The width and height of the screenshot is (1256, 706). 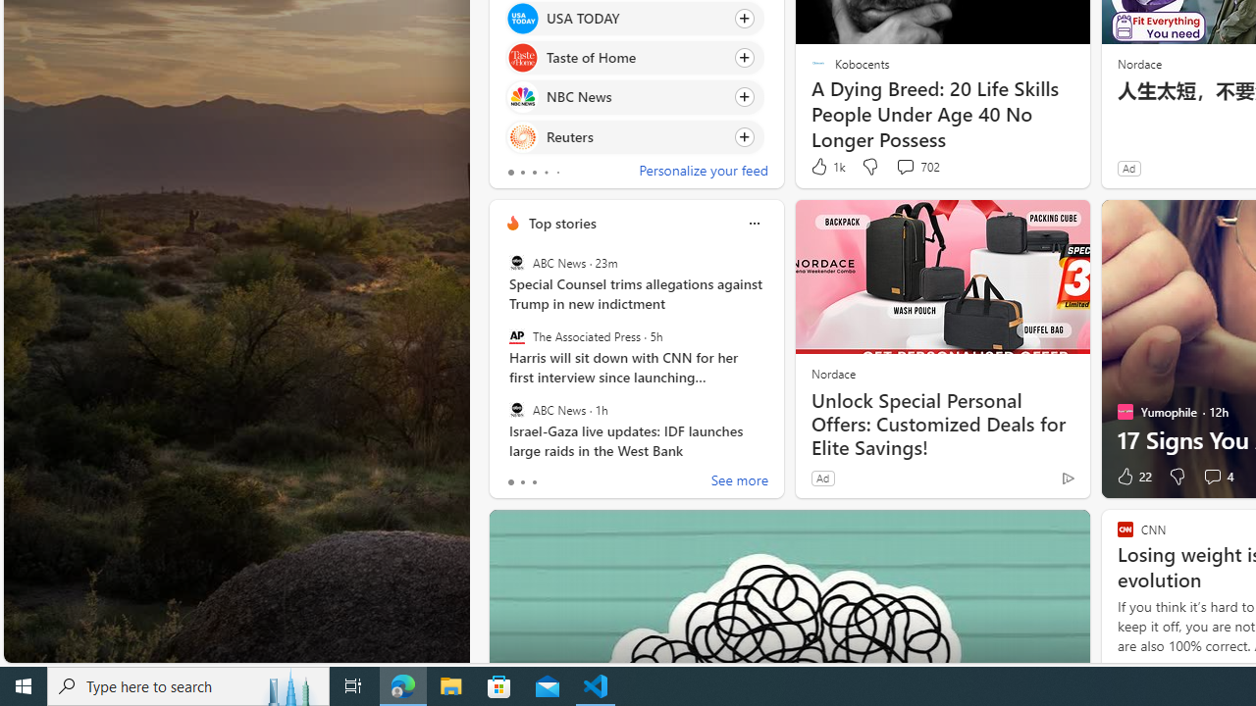 I want to click on 'tab-0', so click(x=510, y=482).